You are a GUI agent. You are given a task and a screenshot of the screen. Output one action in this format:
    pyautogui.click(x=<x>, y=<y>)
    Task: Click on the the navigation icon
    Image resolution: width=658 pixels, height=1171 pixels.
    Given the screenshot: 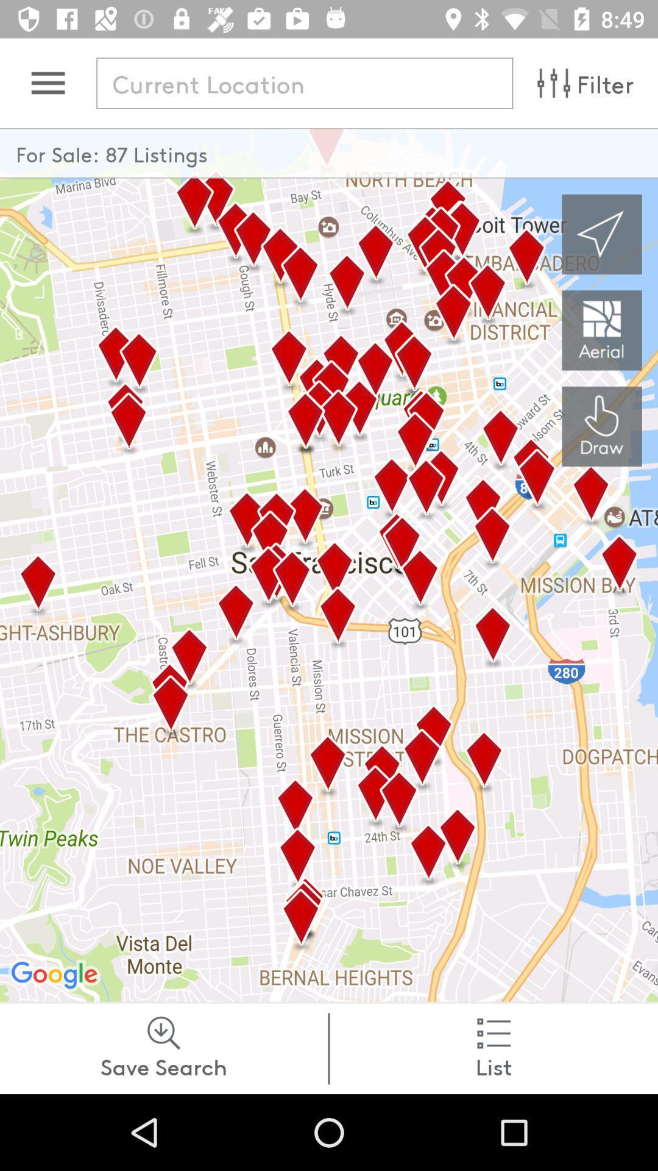 What is the action you would take?
    pyautogui.click(x=601, y=234)
    